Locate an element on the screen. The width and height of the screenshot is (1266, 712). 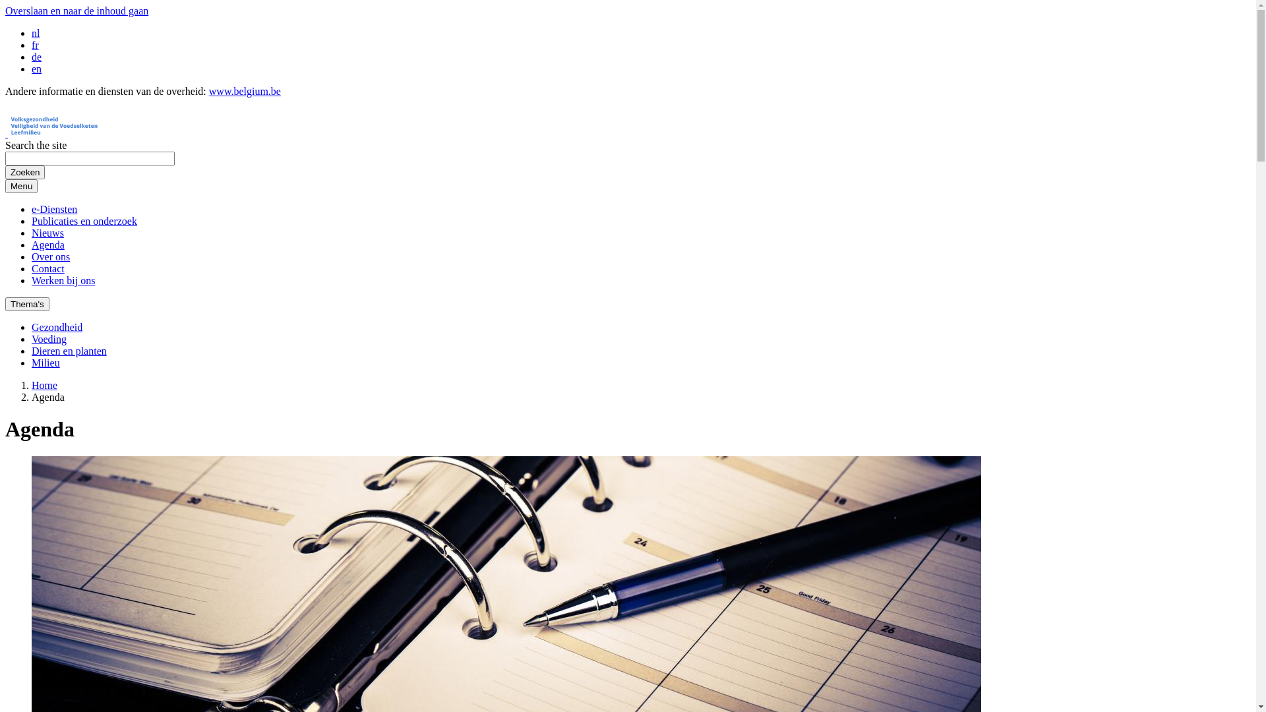
'de' is located at coordinates (36, 56).